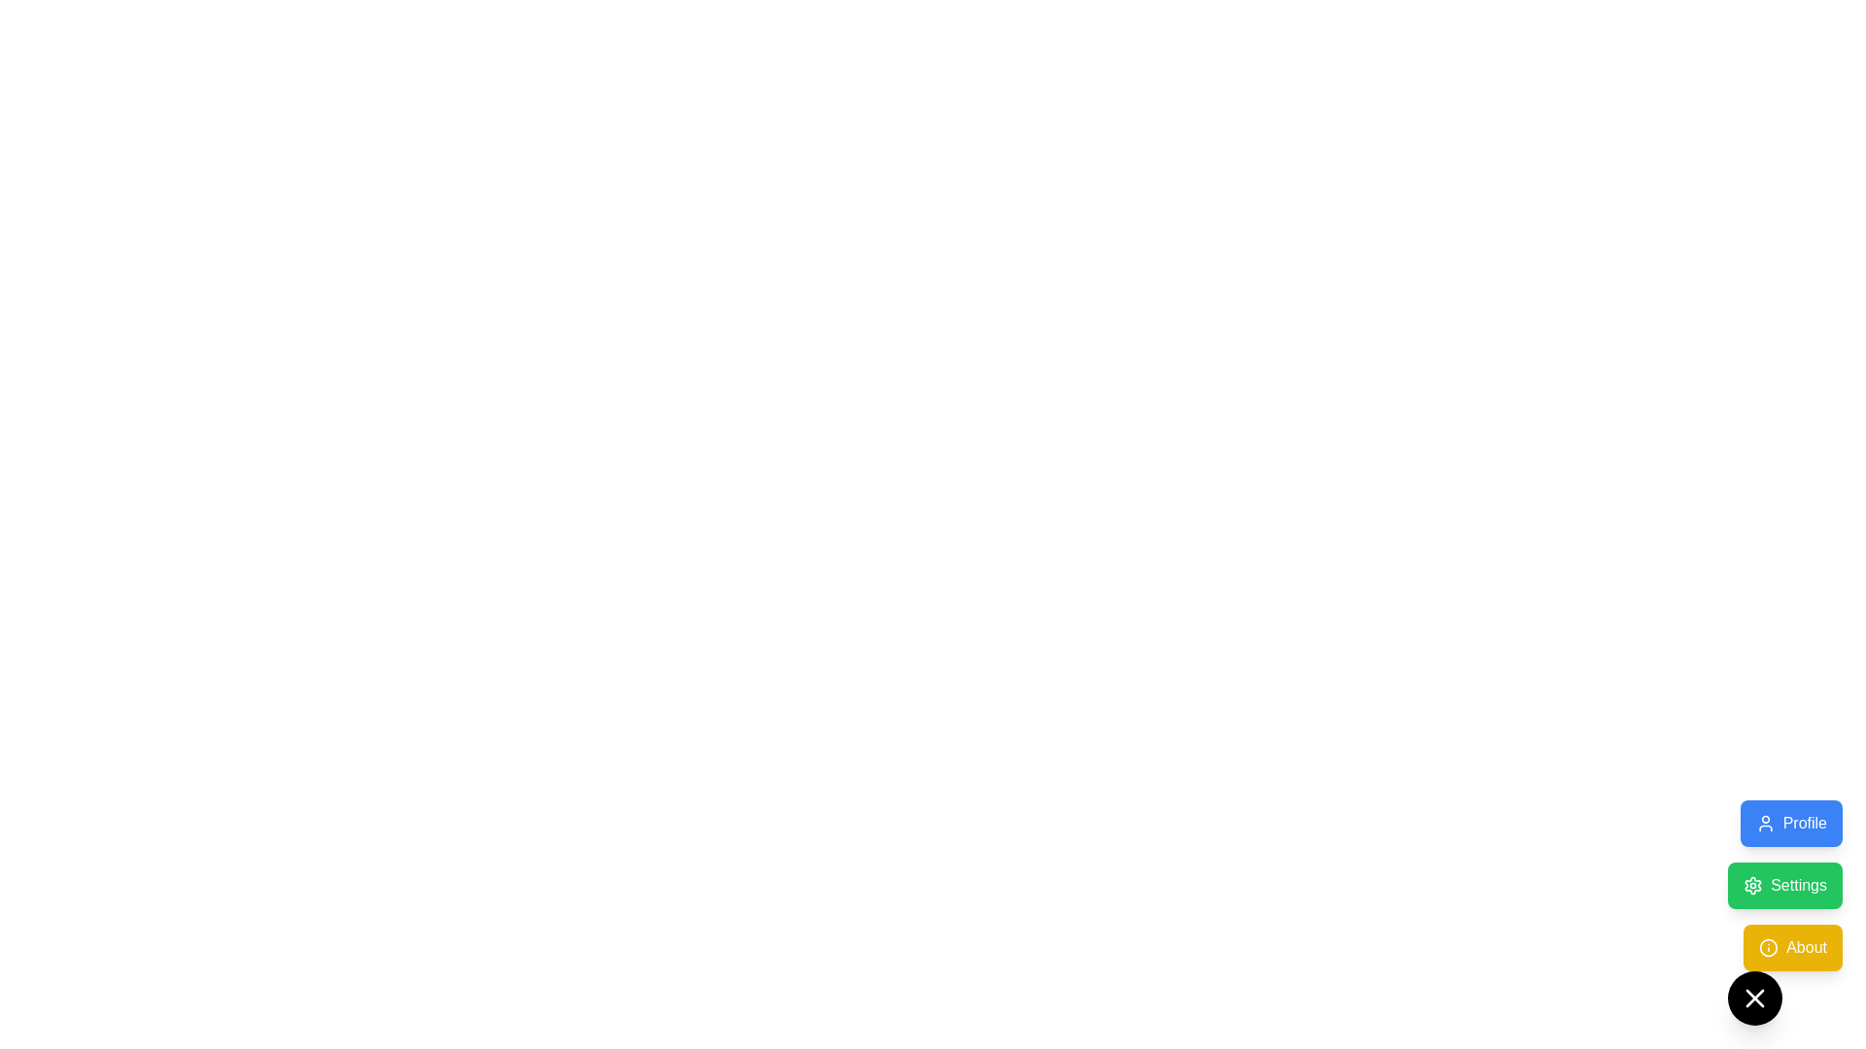  What do you see at coordinates (1785, 885) in the screenshot?
I see `the green rounded rectangular button labeled 'Settings' located` at bounding box center [1785, 885].